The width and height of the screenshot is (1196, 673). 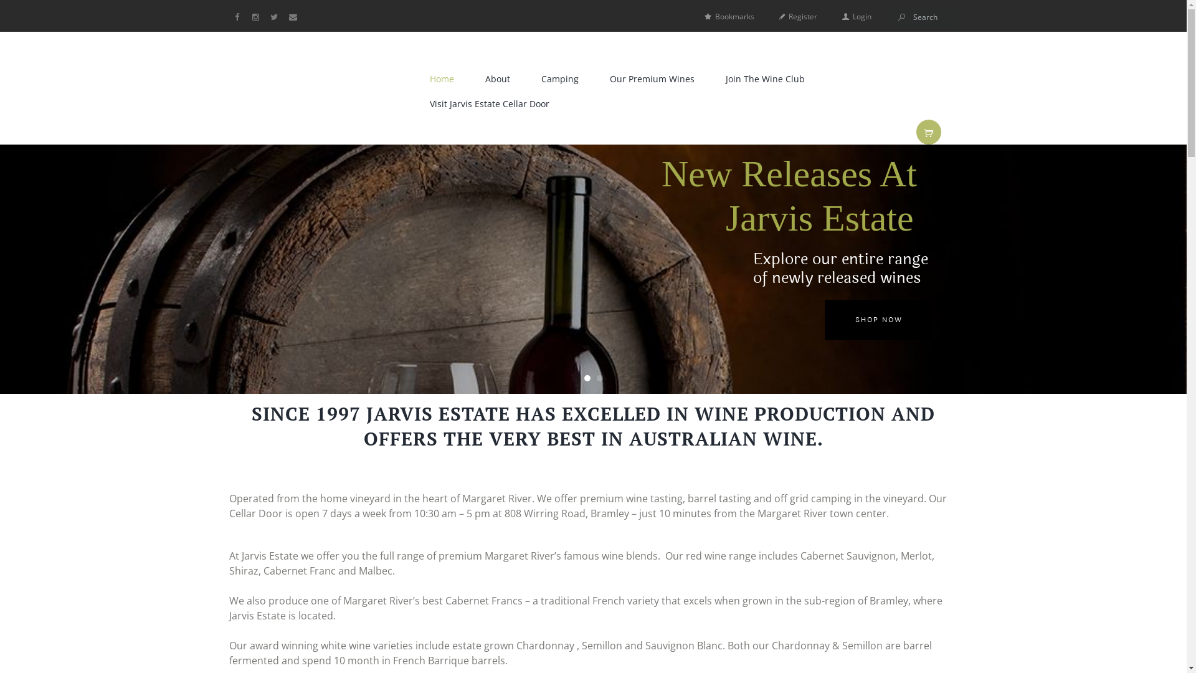 What do you see at coordinates (651, 78) in the screenshot?
I see `'Our Premium Wines'` at bounding box center [651, 78].